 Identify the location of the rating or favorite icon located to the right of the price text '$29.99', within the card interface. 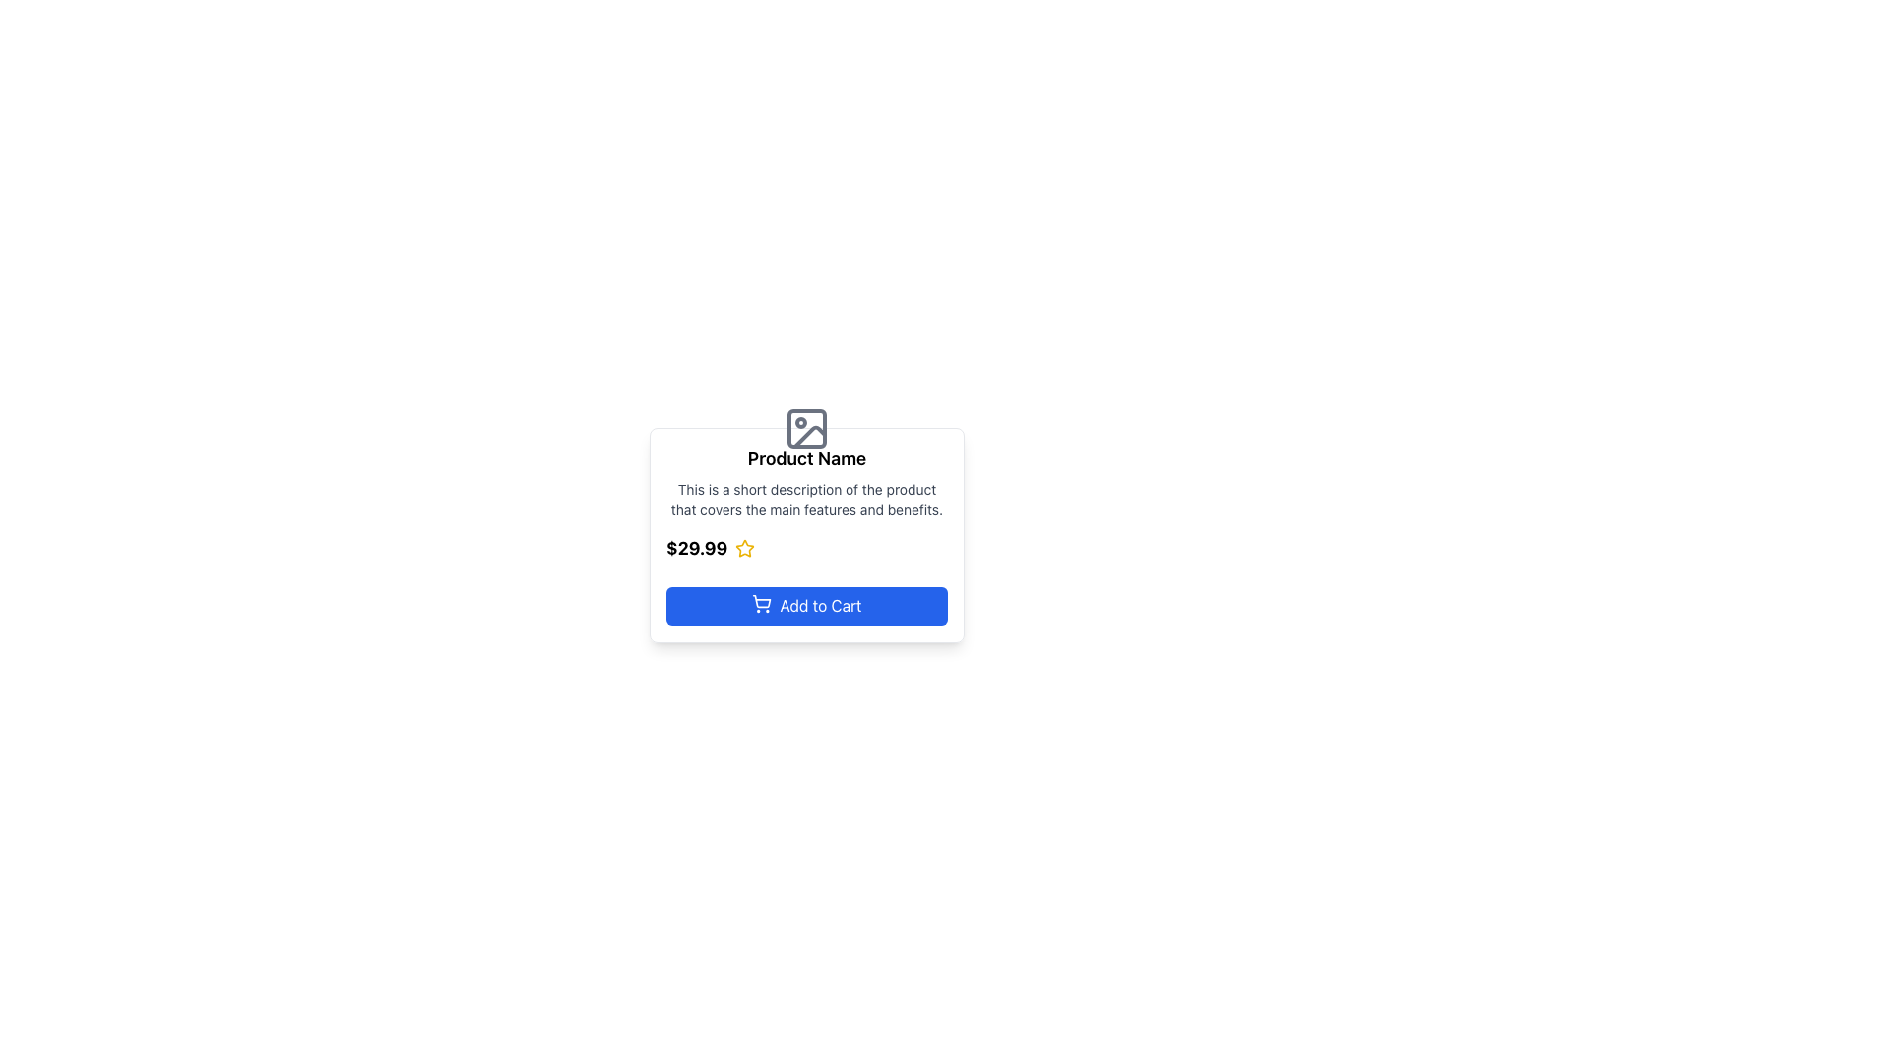
(744, 549).